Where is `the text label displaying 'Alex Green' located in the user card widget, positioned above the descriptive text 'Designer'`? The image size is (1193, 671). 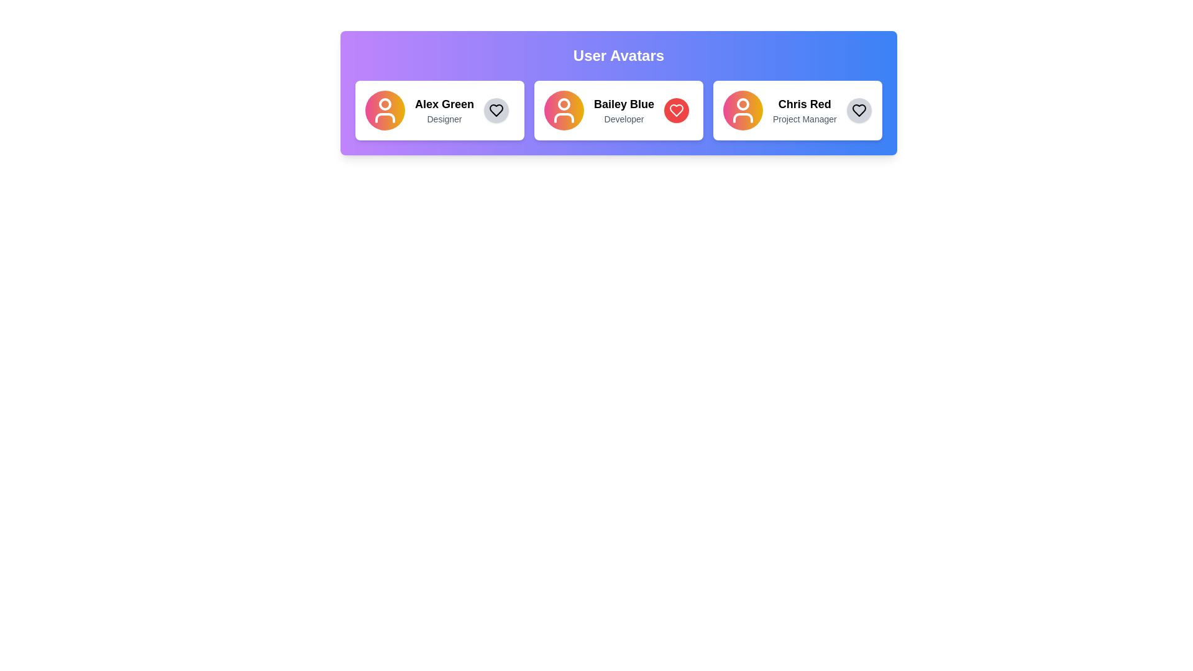
the text label displaying 'Alex Green' located in the user card widget, positioned above the descriptive text 'Designer' is located at coordinates (444, 104).